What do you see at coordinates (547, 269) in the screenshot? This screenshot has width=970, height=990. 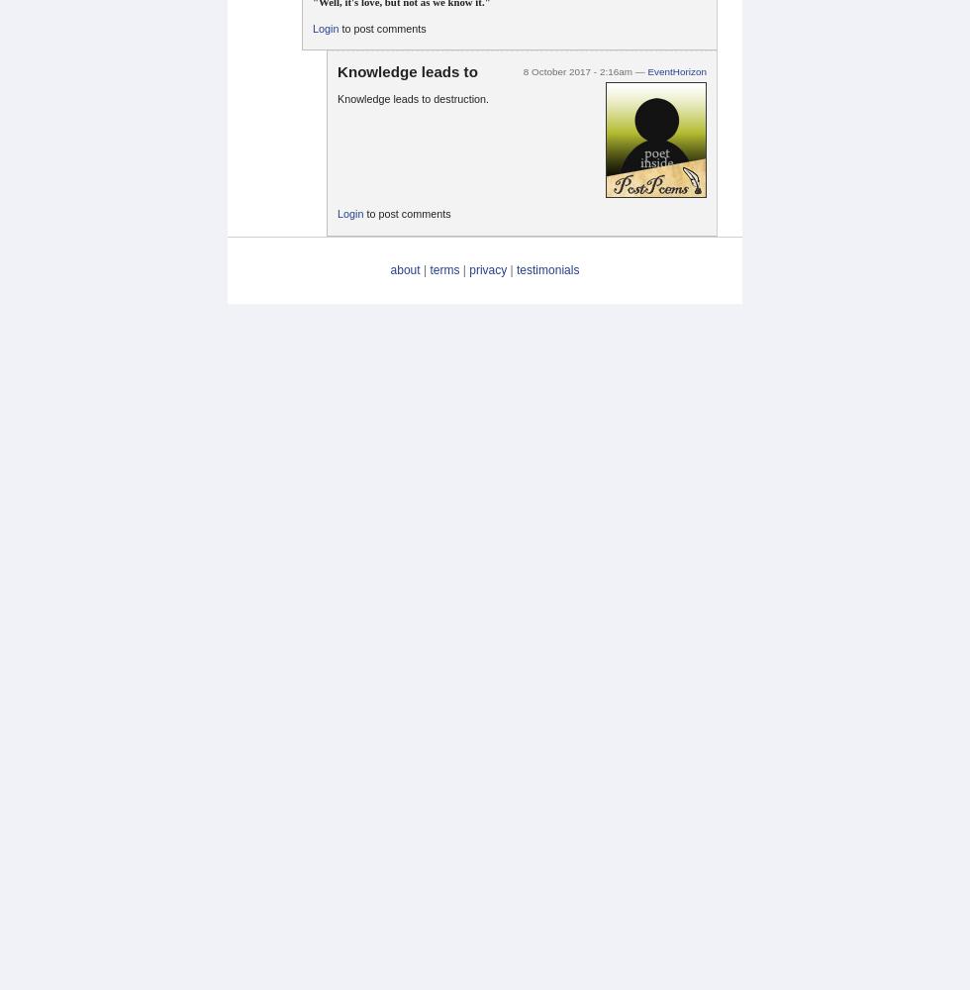 I see `'testimonials'` at bounding box center [547, 269].